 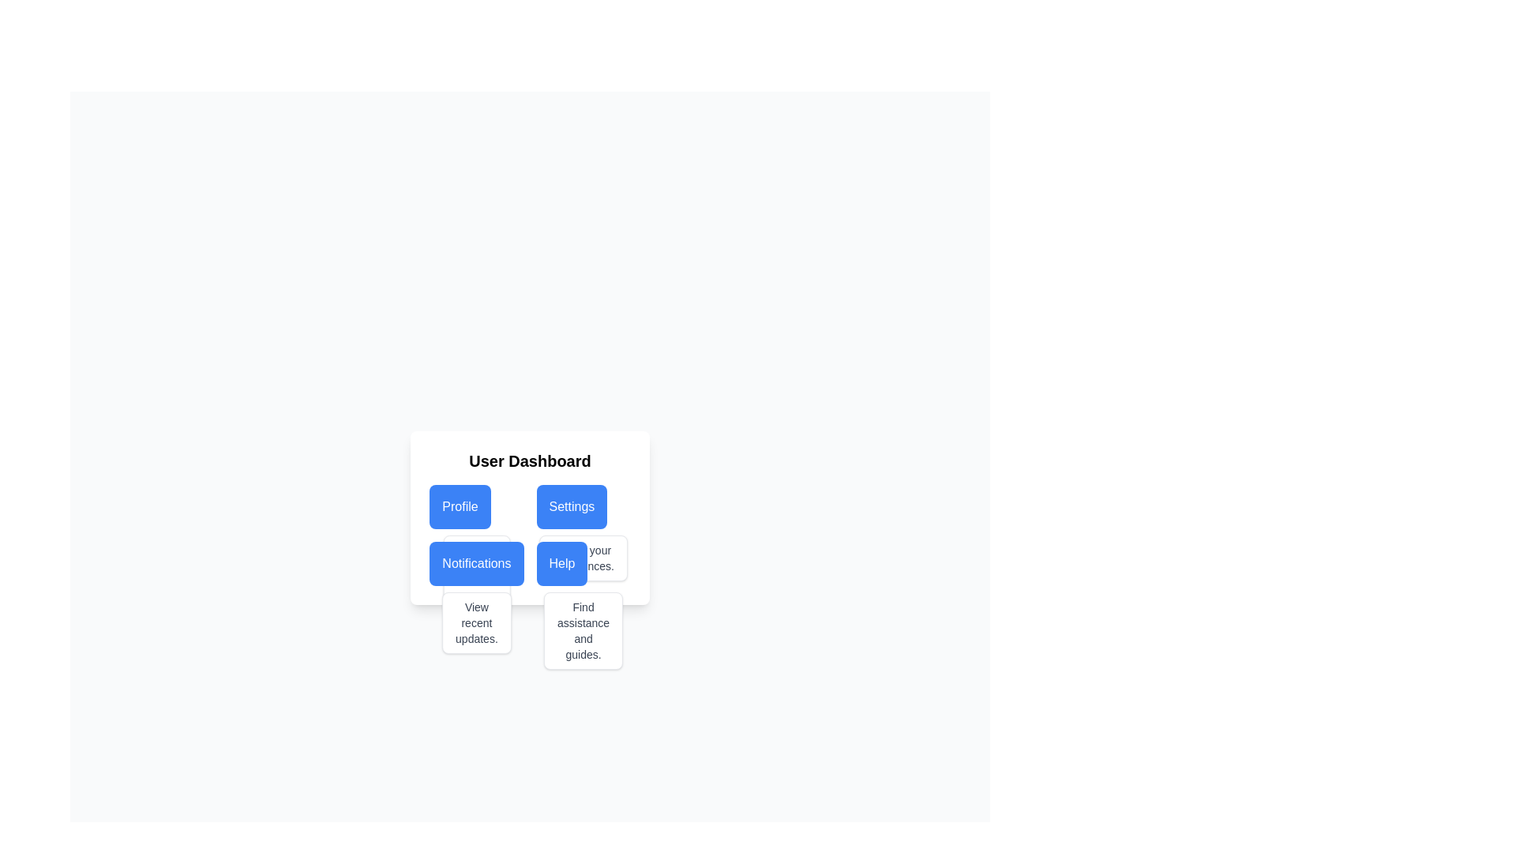 What do you see at coordinates (475, 506) in the screenshot?
I see `the 'Profile' button with a blue background and white text located in the top-left quadrant of the grid under 'User Dashboard'` at bounding box center [475, 506].